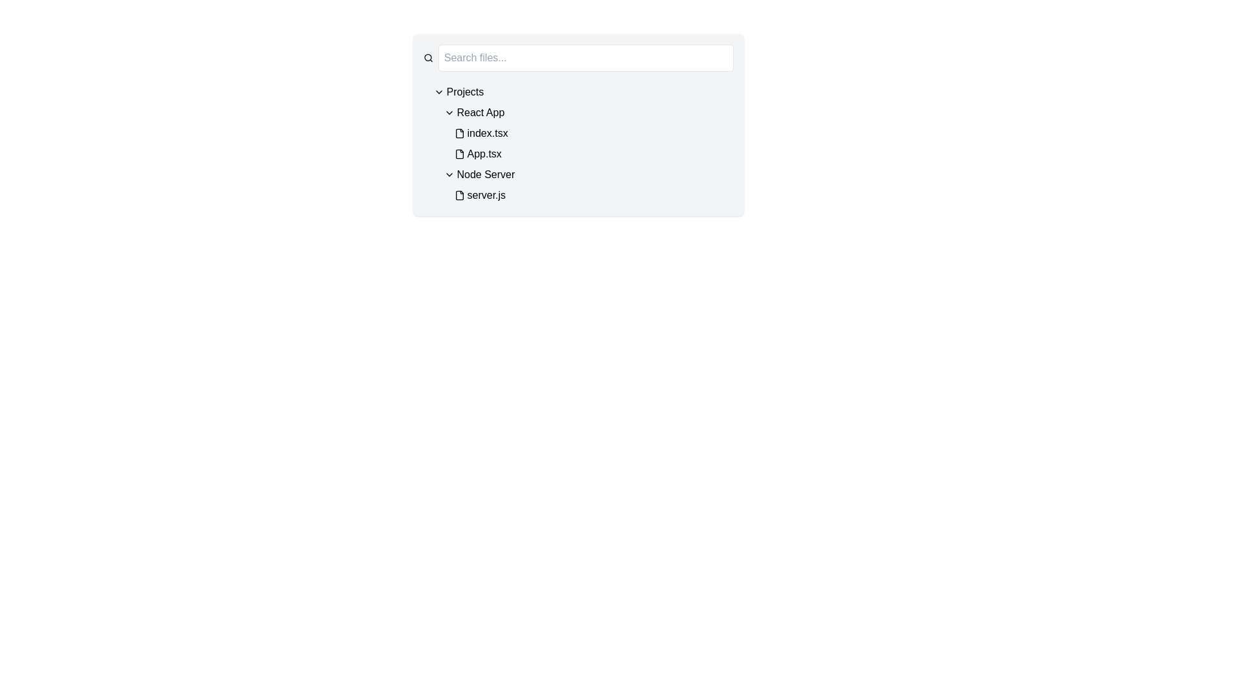 The height and width of the screenshot is (697, 1240). Describe the element at coordinates (459, 134) in the screenshot. I see `the file icon component that represents a document, located adjacent to the 'index.tsx' text under the 'React App' subheading` at that location.